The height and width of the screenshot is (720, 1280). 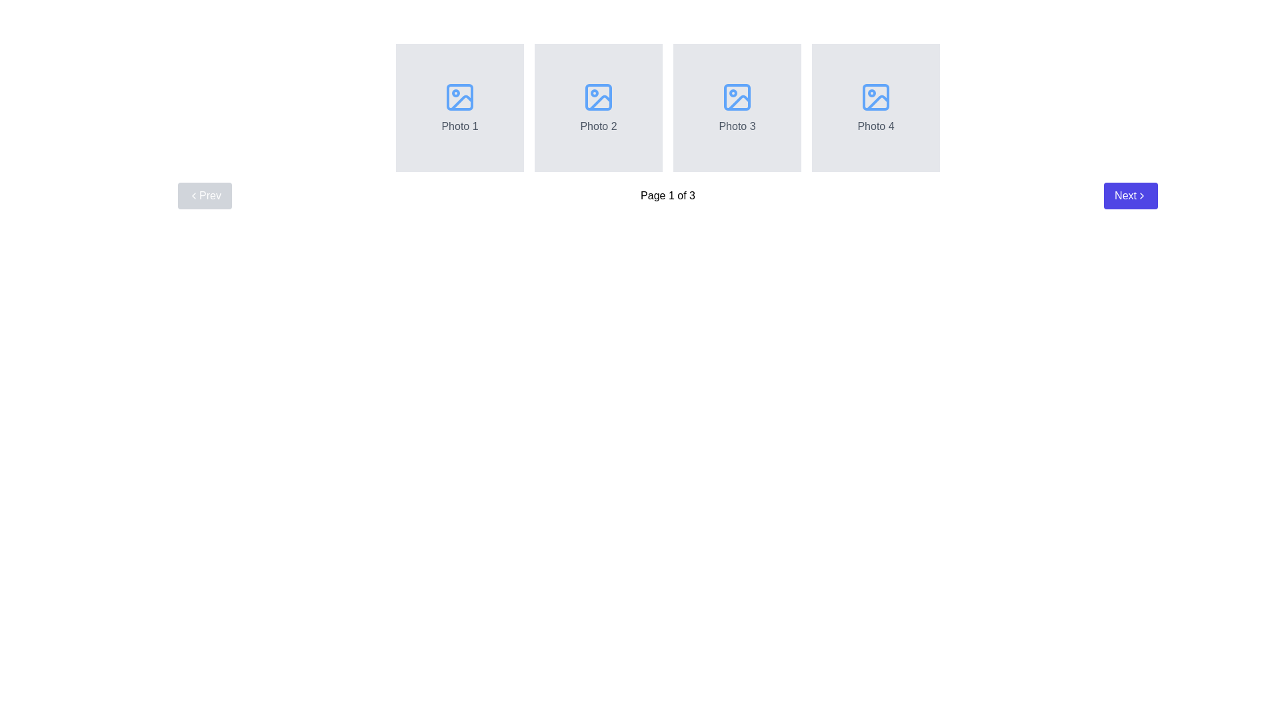 What do you see at coordinates (736, 97) in the screenshot?
I see `the 'Photo 3' icon, which is a light blue outlined image icon with a central circle and the label 'Photo 3' below it` at bounding box center [736, 97].